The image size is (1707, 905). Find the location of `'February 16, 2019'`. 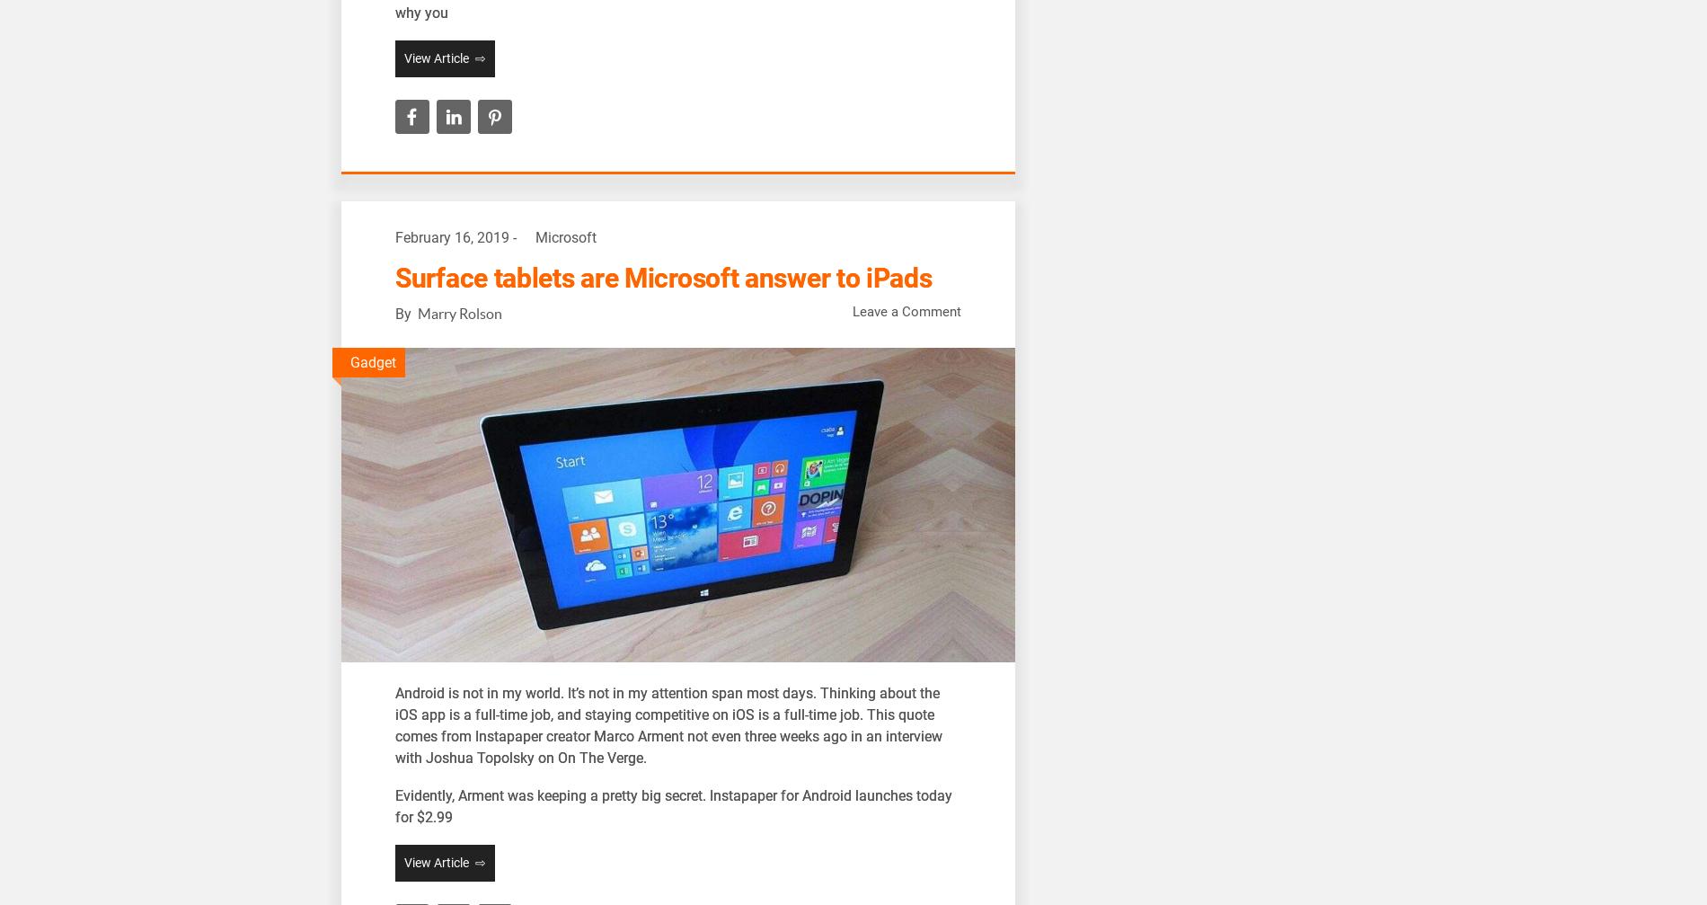

'February 16, 2019' is located at coordinates (452, 237).